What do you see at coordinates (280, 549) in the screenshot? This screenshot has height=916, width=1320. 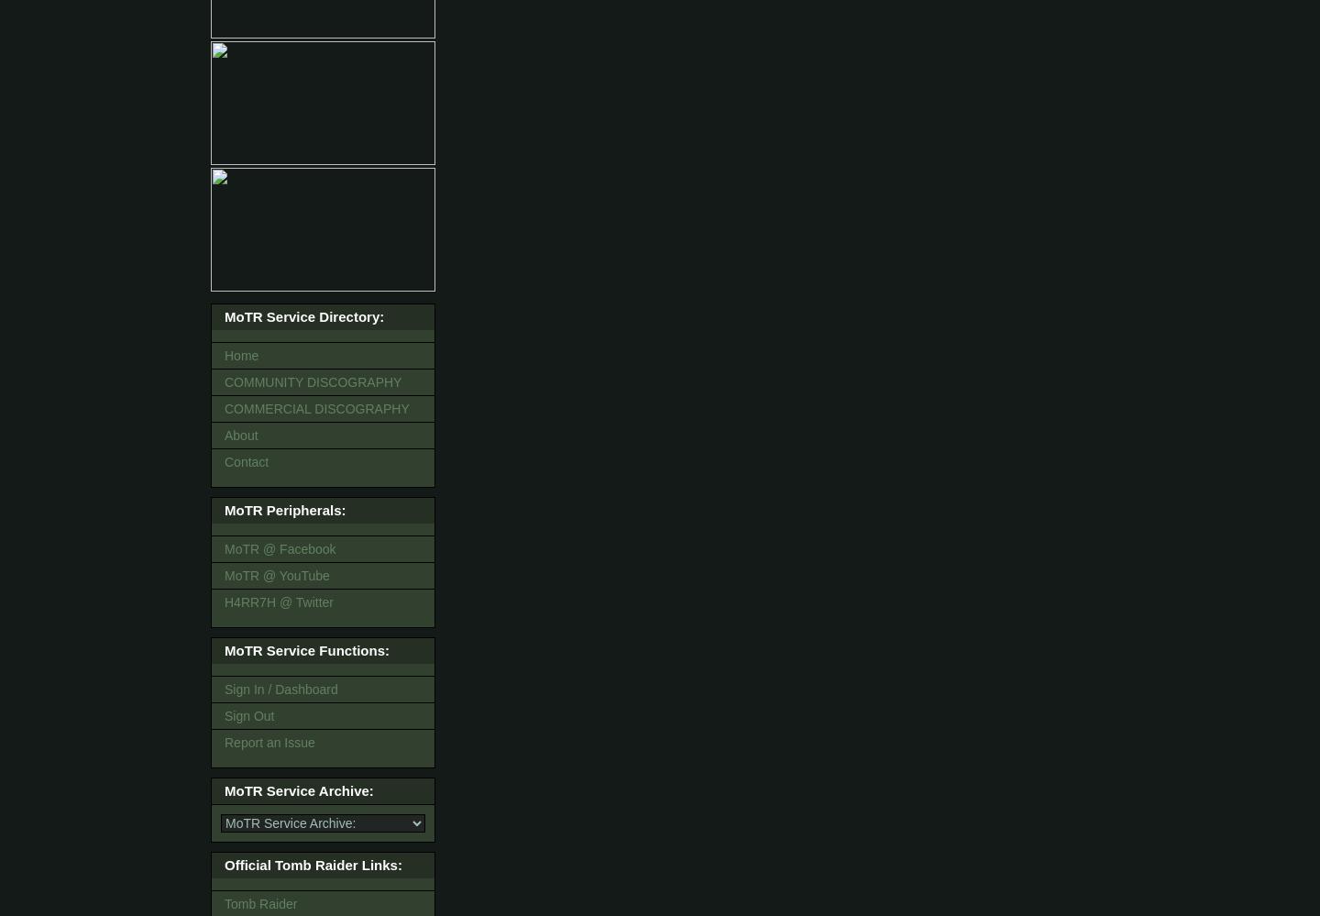 I see `'MoTR @ Facebook'` at bounding box center [280, 549].